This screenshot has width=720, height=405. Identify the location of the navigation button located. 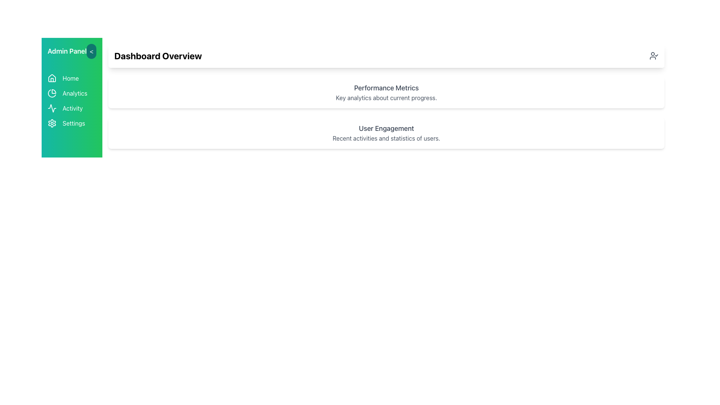
(91, 51).